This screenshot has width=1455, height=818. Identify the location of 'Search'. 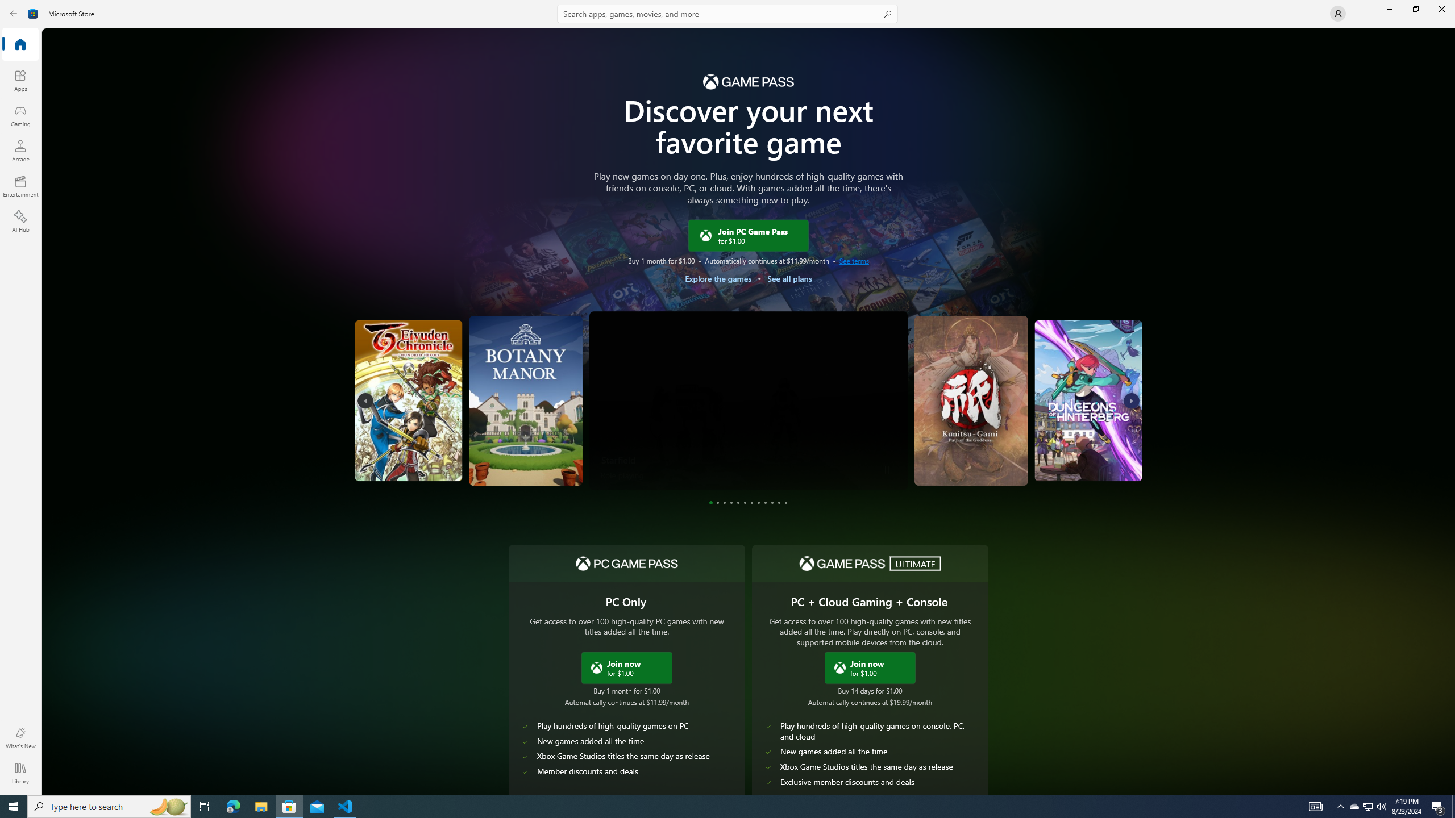
(727, 13).